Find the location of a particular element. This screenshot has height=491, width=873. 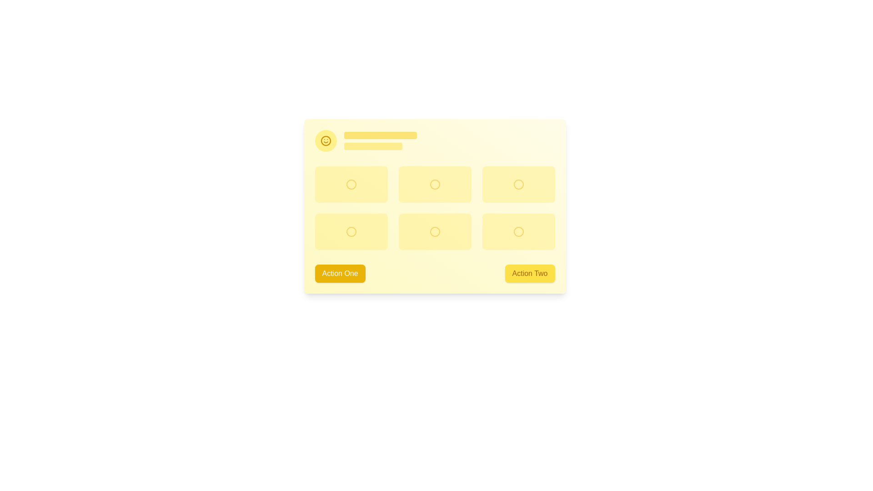

the interactive button-like component located in the second row and second column of a 3x3 grid layout within a light yellow card-like structure is located at coordinates (434, 231).